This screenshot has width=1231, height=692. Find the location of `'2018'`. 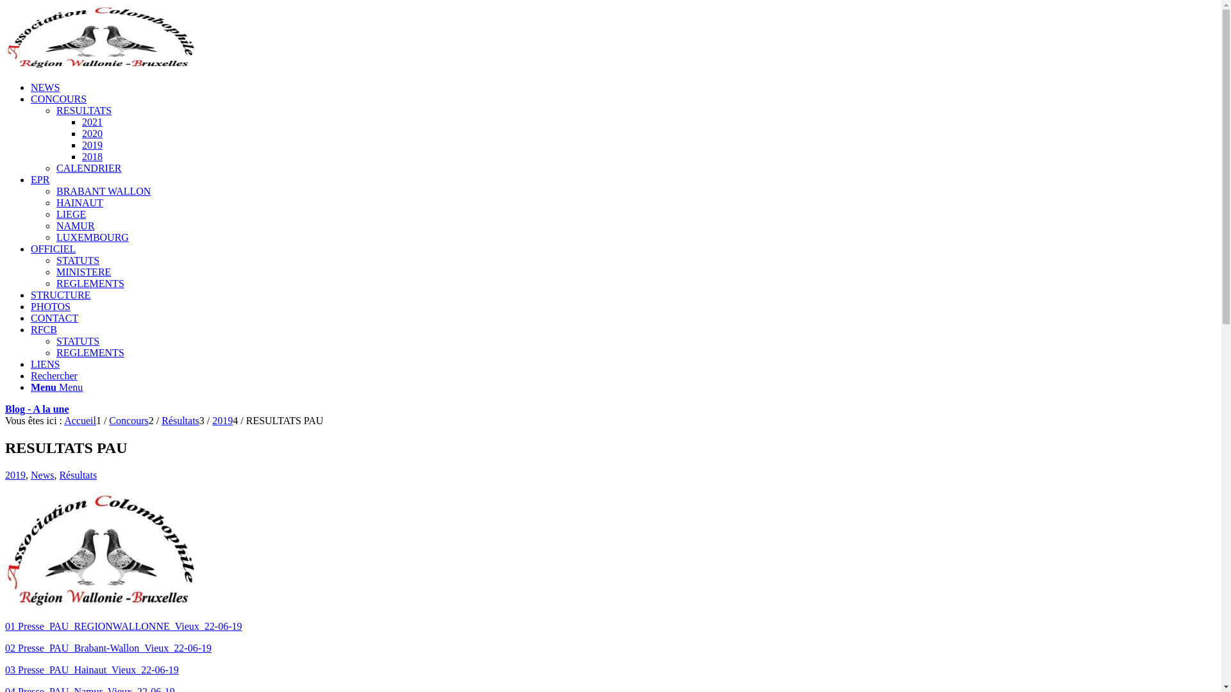

'2018' is located at coordinates (92, 156).